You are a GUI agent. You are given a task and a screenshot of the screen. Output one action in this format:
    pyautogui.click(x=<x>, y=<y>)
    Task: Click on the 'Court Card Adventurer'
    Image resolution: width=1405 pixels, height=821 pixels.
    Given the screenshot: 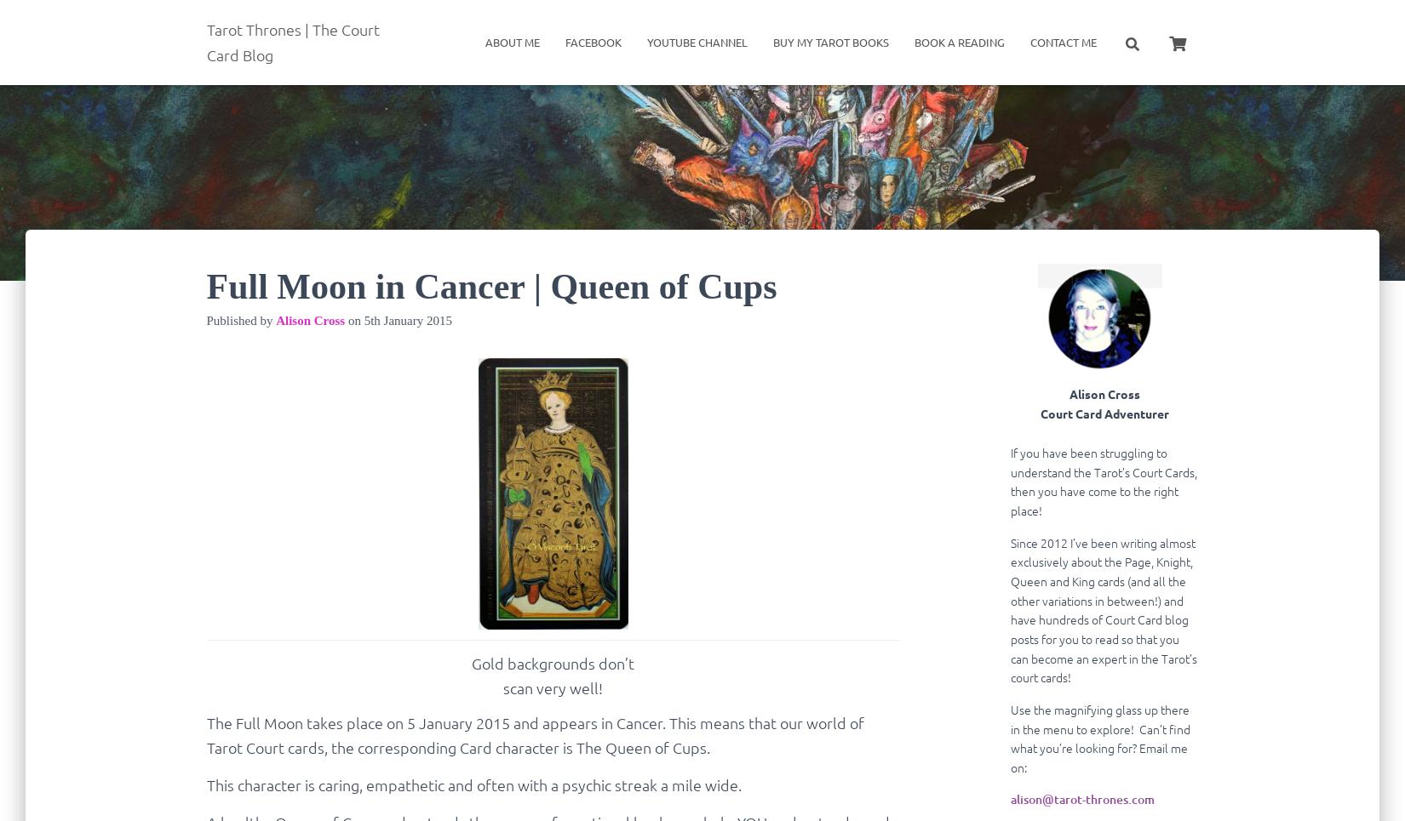 What is the action you would take?
    pyautogui.click(x=1103, y=413)
    